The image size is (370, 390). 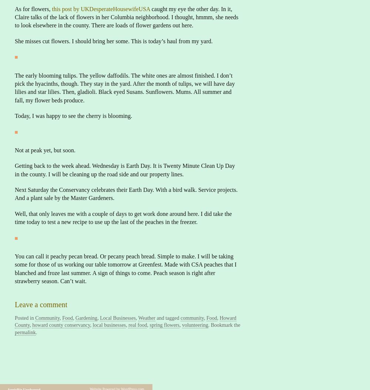 What do you see at coordinates (61, 325) in the screenshot?
I see `'howard county conservancy'` at bounding box center [61, 325].